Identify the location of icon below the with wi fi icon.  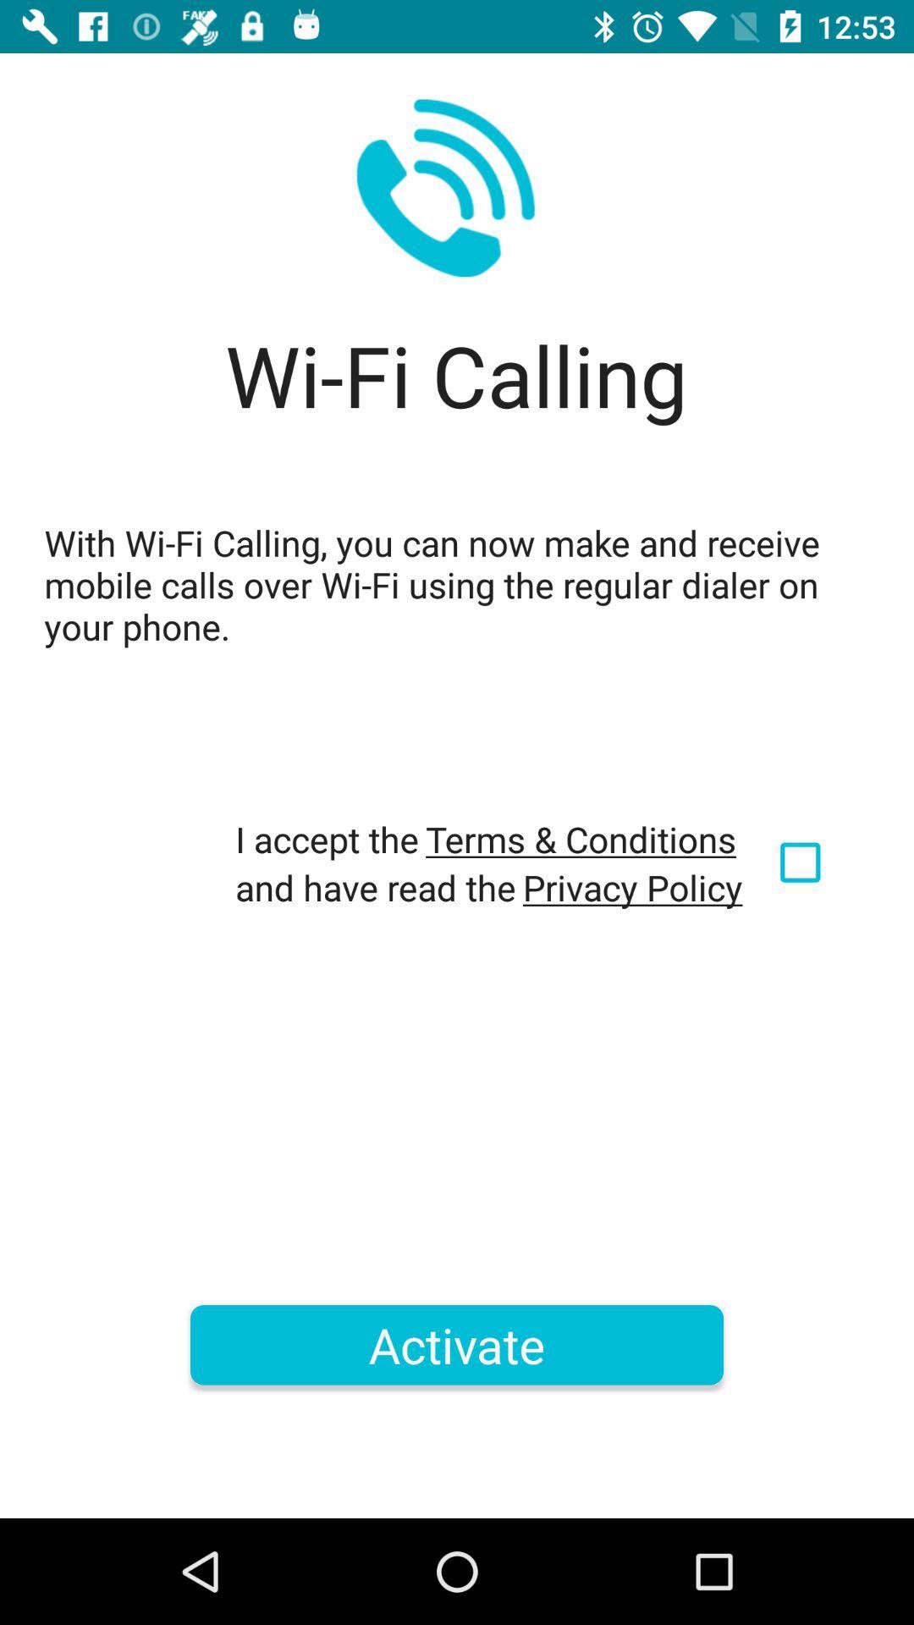
(580, 839).